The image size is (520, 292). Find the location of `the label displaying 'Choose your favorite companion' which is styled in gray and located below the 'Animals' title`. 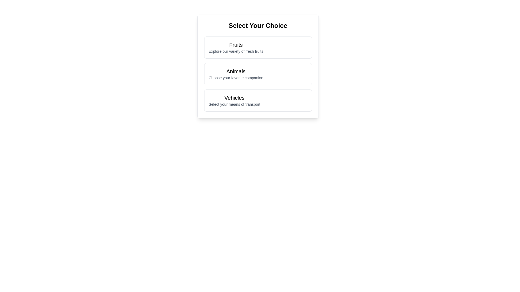

the label displaying 'Choose your favorite companion' which is styled in gray and located below the 'Animals' title is located at coordinates (236, 78).